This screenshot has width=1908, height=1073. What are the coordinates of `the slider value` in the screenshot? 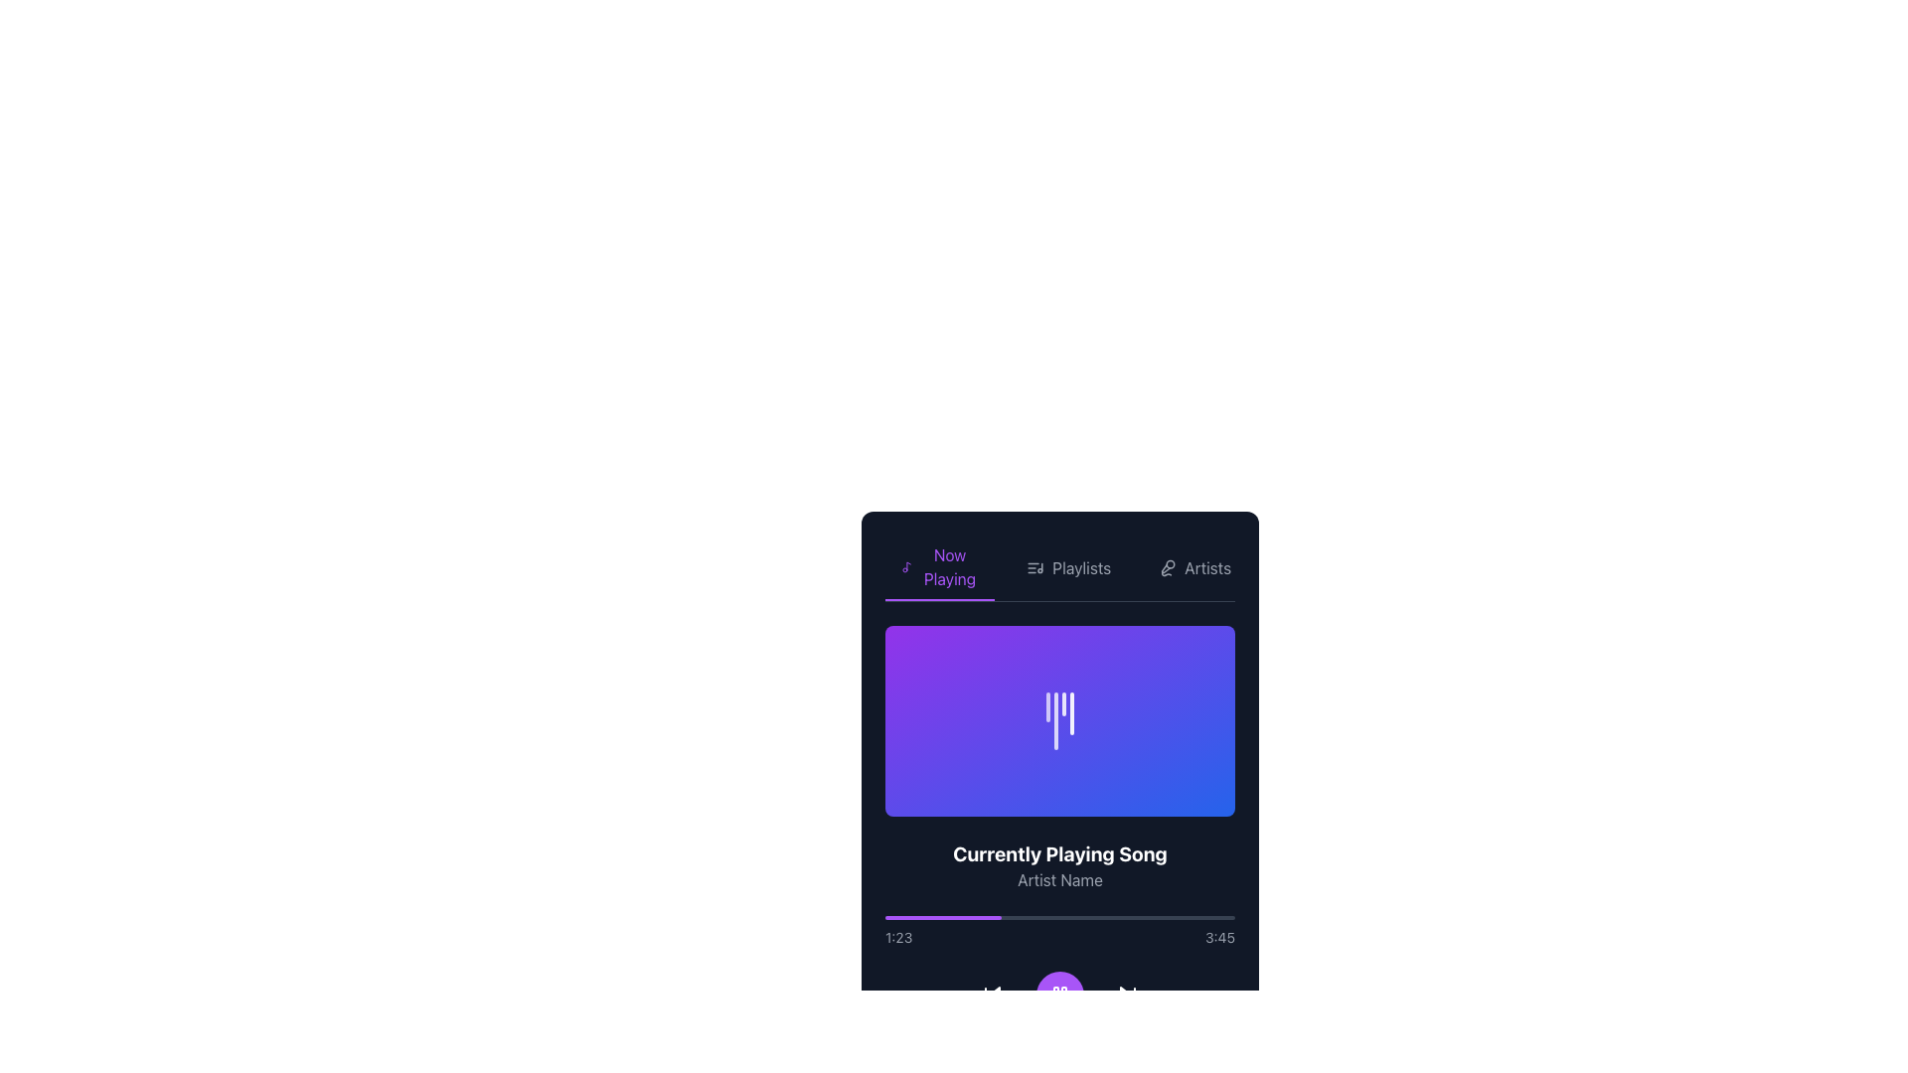 It's located at (1104, 1052).